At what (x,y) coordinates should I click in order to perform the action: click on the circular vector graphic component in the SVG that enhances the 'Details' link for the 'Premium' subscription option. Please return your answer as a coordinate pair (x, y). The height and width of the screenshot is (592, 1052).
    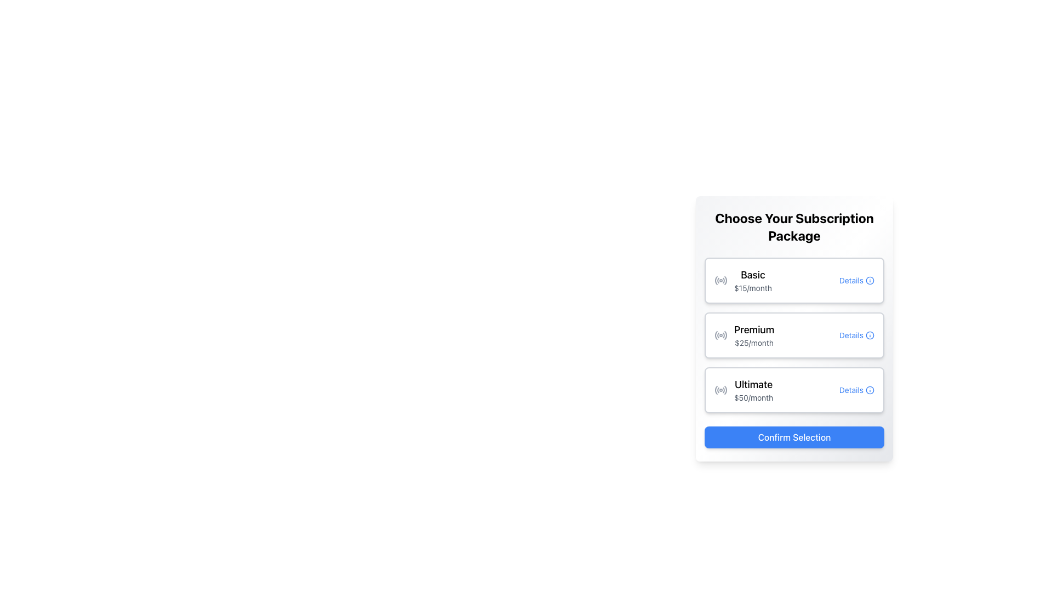
    Looking at the image, I should click on (870, 335).